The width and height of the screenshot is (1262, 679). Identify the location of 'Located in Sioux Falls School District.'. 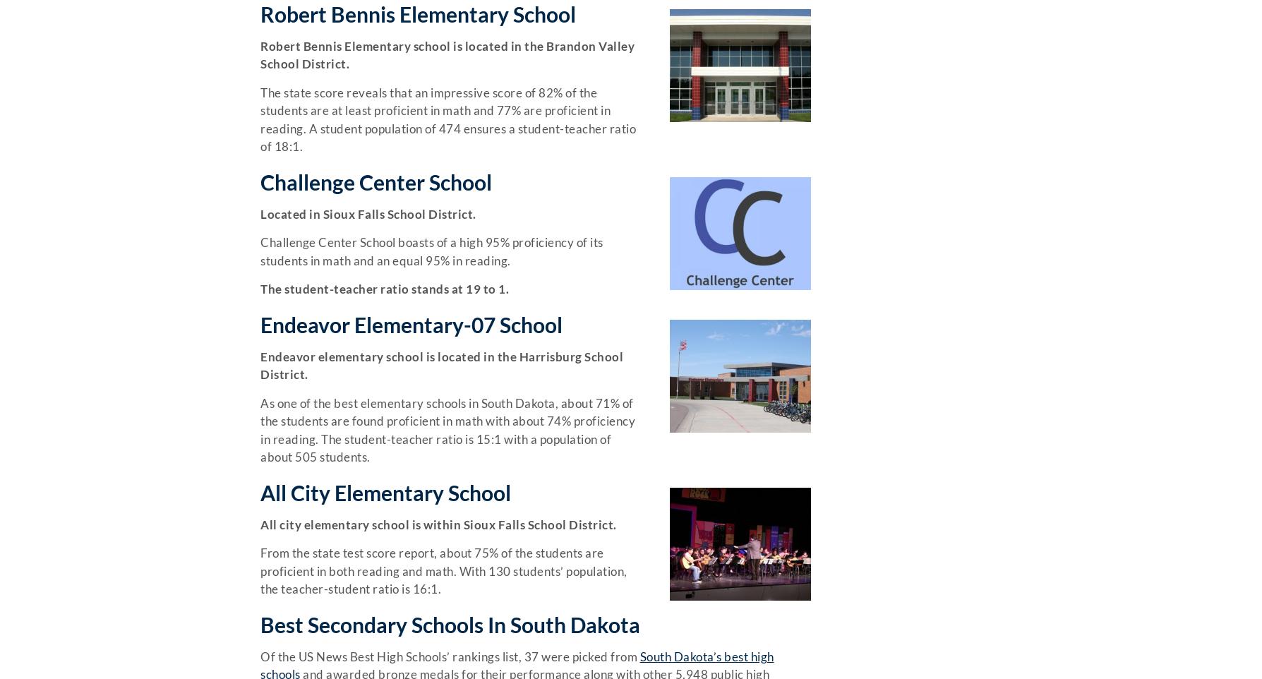
(368, 212).